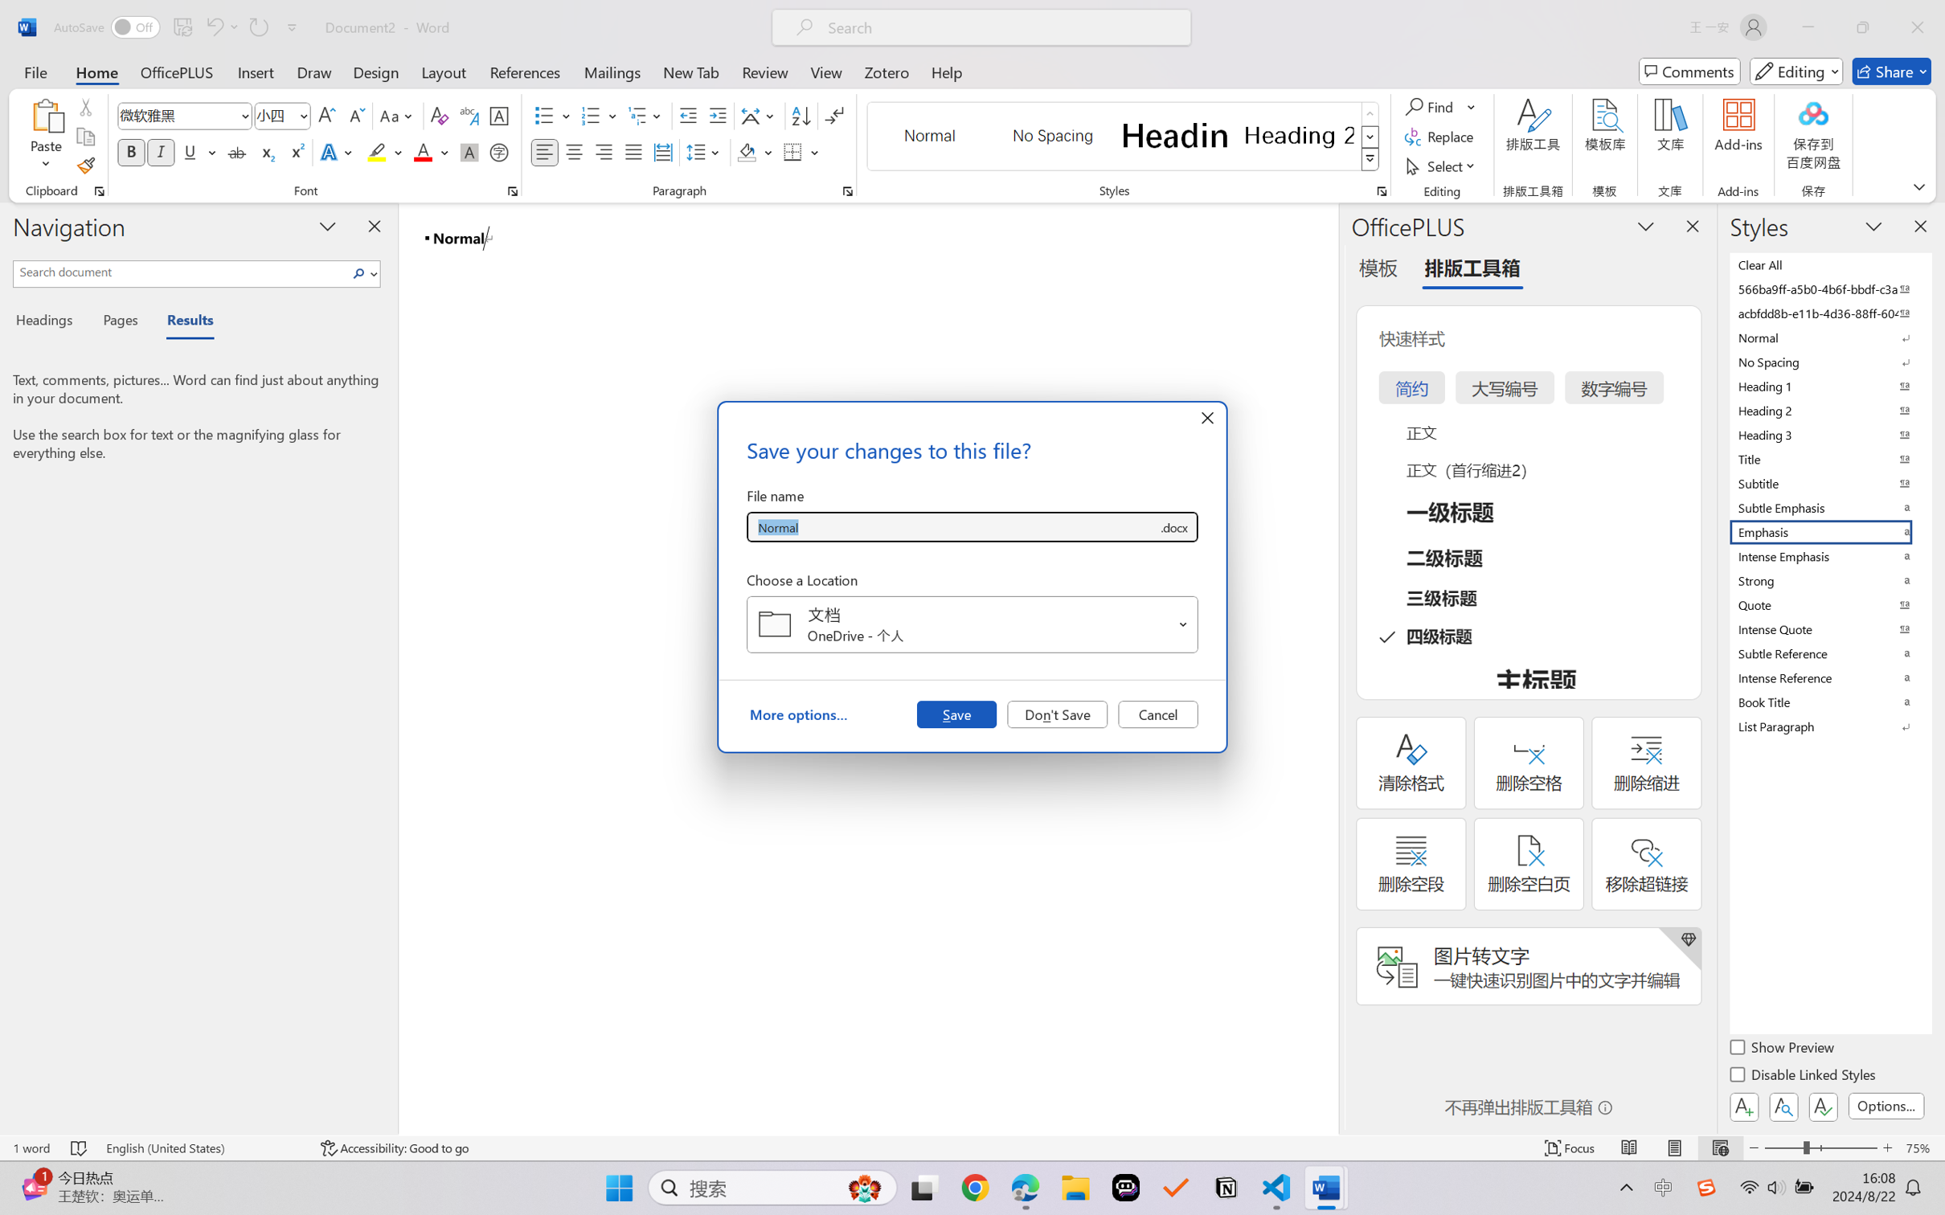 The image size is (1945, 1215). What do you see at coordinates (688, 116) in the screenshot?
I see `'Decrease Indent'` at bounding box center [688, 116].